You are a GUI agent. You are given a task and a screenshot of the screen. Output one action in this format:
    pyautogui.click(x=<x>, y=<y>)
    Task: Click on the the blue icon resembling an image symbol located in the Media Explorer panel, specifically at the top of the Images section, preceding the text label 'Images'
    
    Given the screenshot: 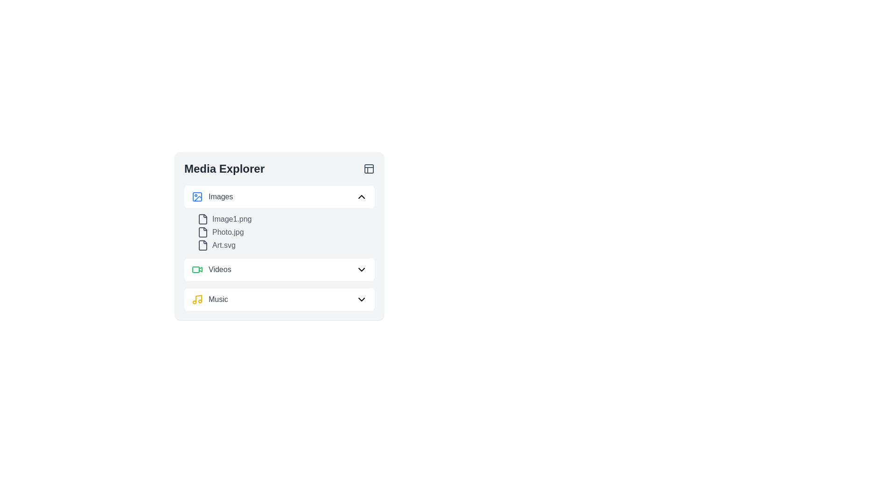 What is the action you would take?
    pyautogui.click(x=196, y=196)
    